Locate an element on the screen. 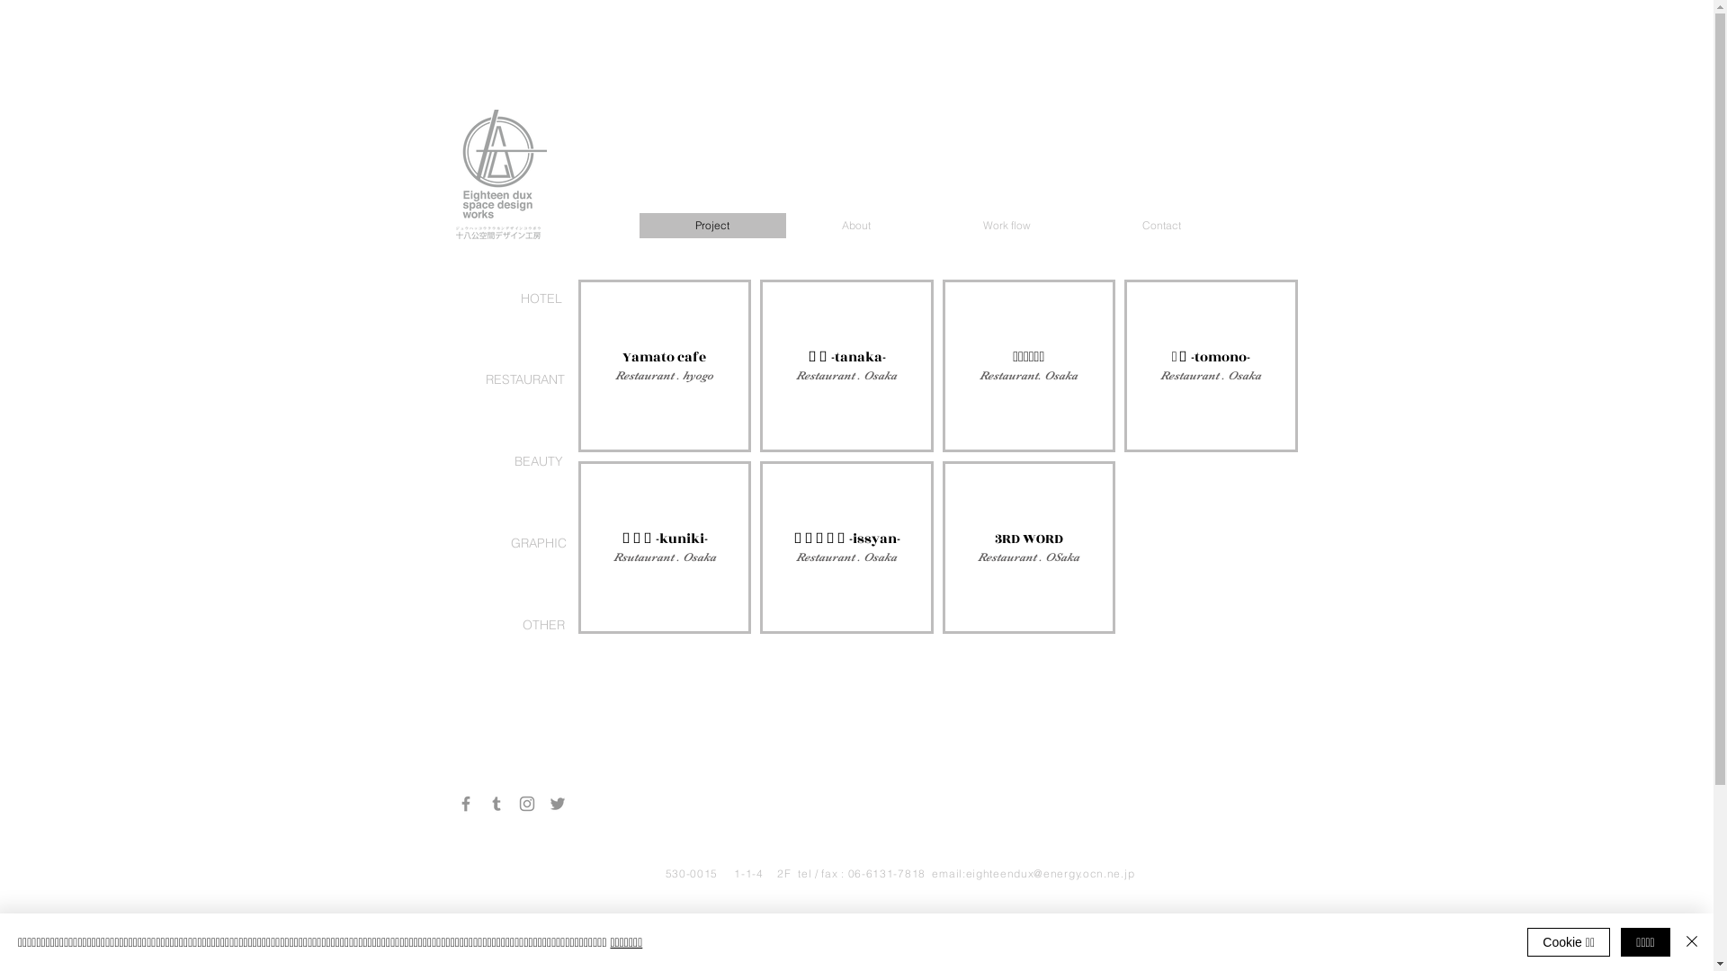 The image size is (1727, 971). 'About' is located at coordinates (855, 224).